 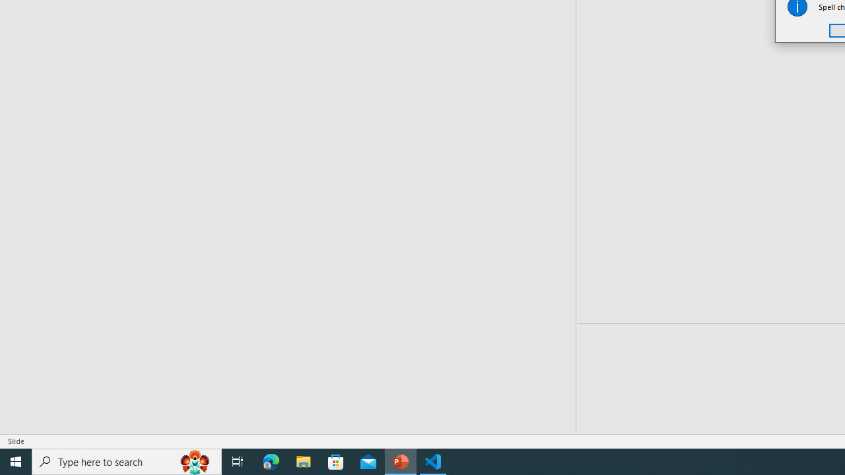 What do you see at coordinates (336, 460) in the screenshot?
I see `'Microsoft Store'` at bounding box center [336, 460].